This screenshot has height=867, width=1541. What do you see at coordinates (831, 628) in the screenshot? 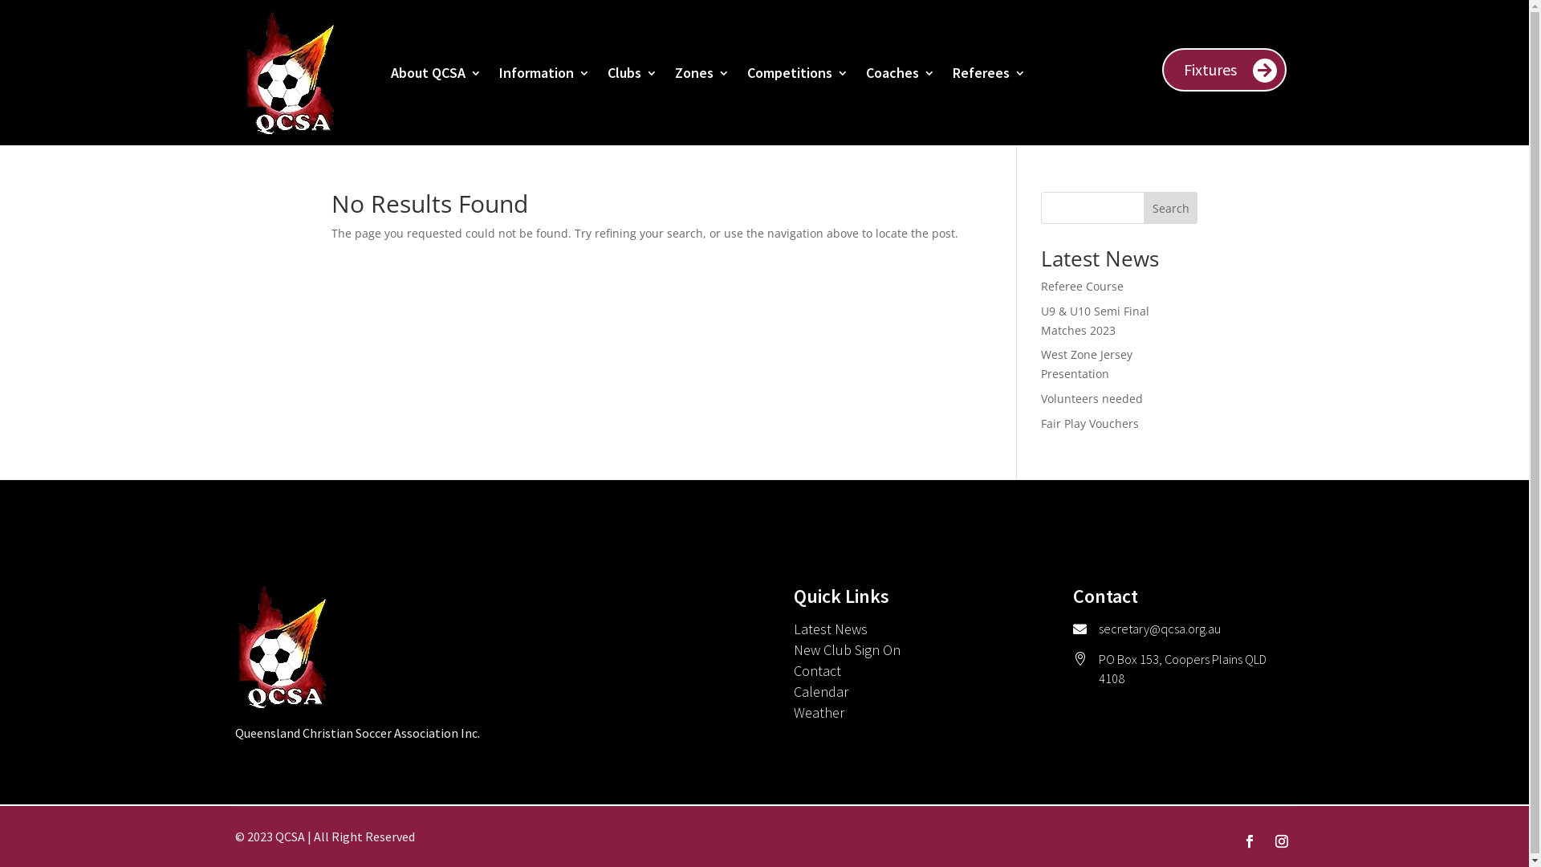
I see `'Latest News'` at bounding box center [831, 628].